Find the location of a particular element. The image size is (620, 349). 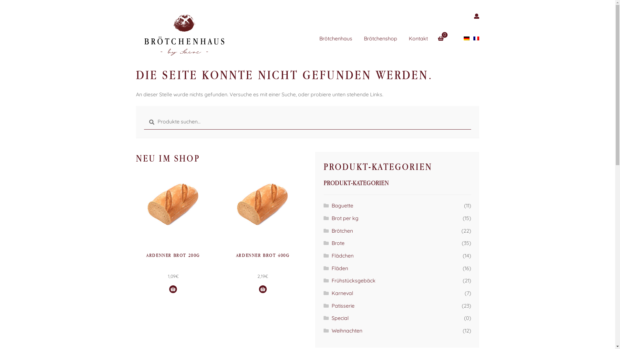

'Kontakt' is located at coordinates (423, 38).